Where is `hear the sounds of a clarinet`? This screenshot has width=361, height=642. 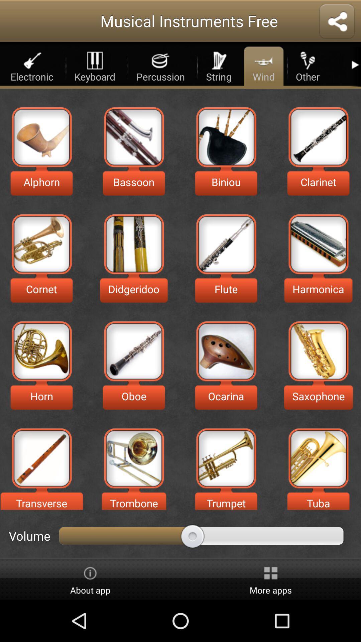 hear the sounds of a clarinet is located at coordinates (318, 136).